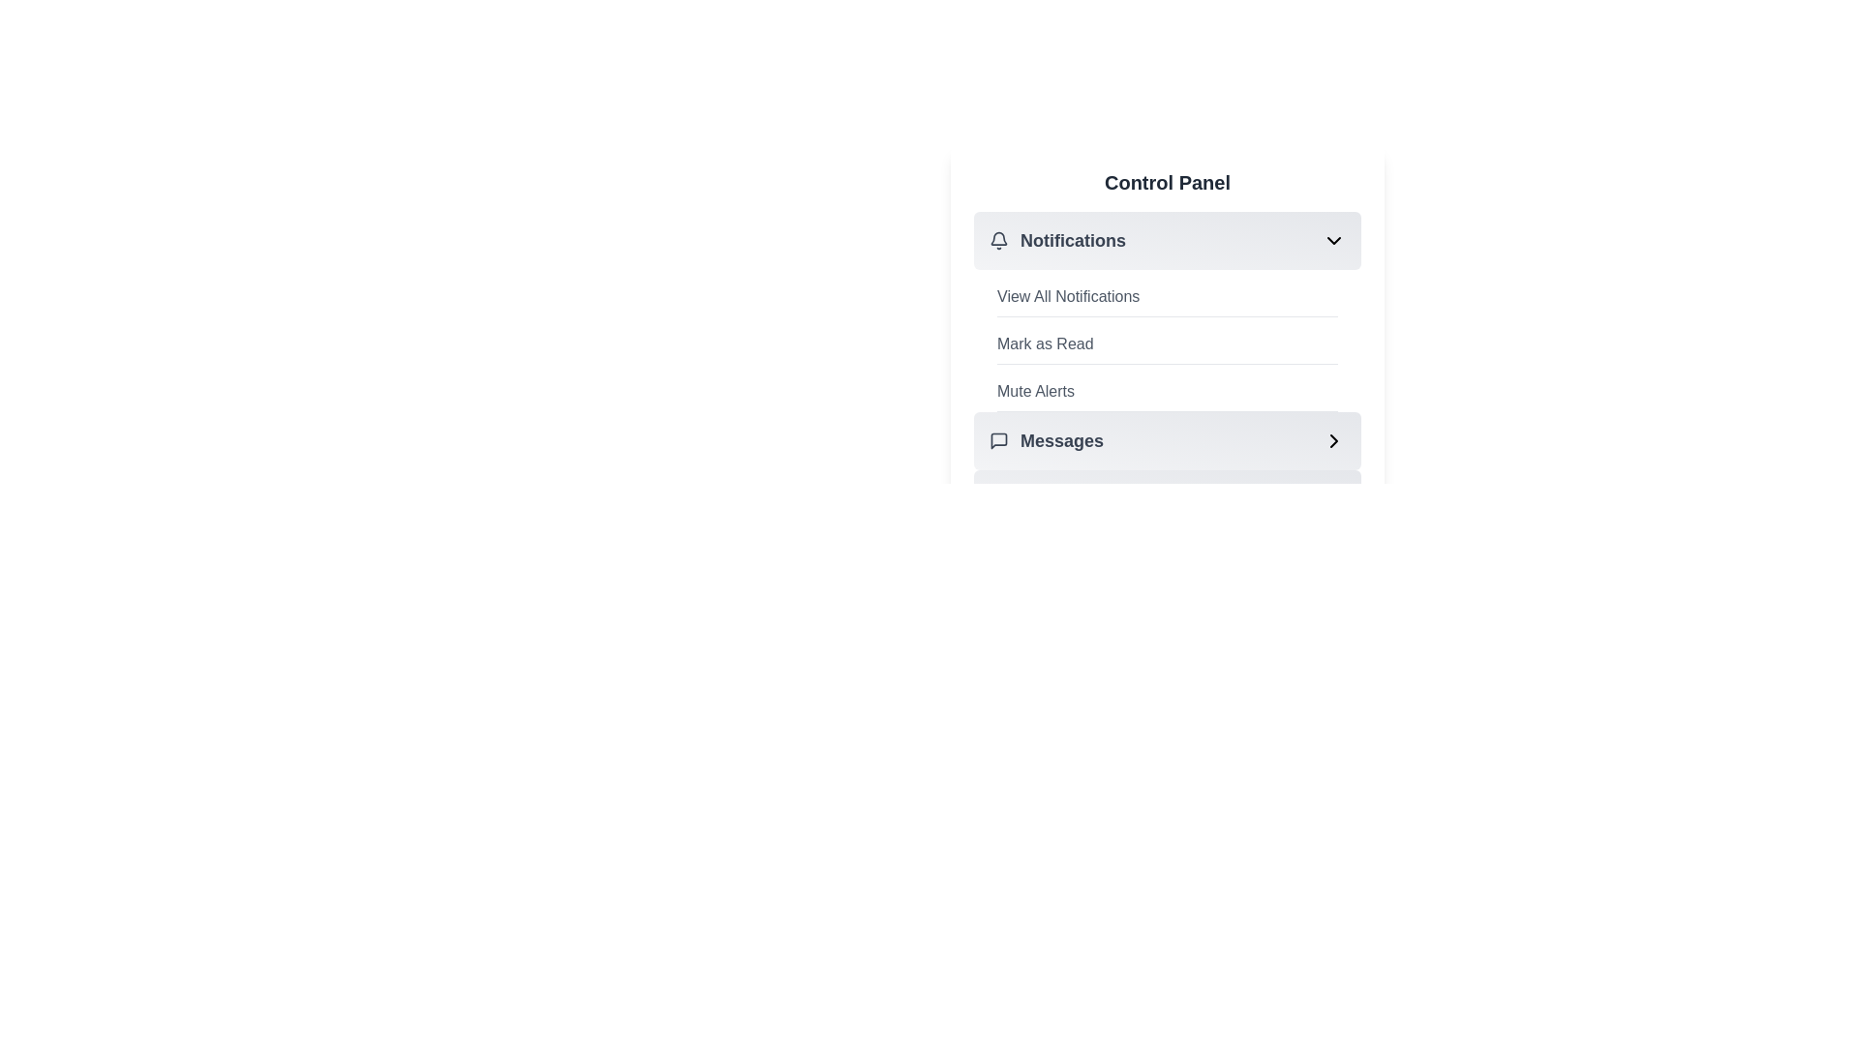 The image size is (1859, 1045). What do you see at coordinates (1166, 303) in the screenshot?
I see `the 'View All Notifications' link from the collapsible navigation panel that contains various action links such as 'Control Panel' and 'Notifications'` at bounding box center [1166, 303].